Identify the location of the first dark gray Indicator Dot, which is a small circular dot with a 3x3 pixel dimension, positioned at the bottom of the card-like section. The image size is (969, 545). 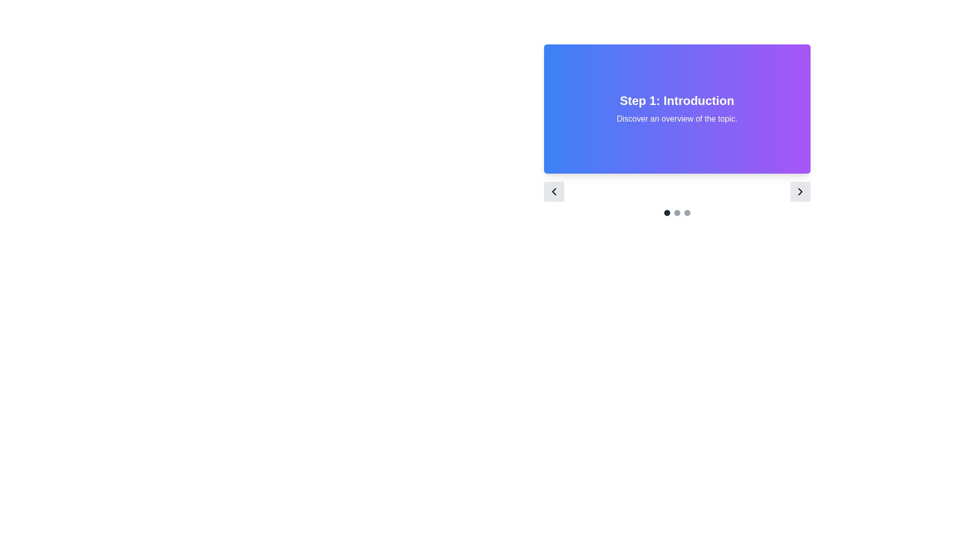
(667, 212).